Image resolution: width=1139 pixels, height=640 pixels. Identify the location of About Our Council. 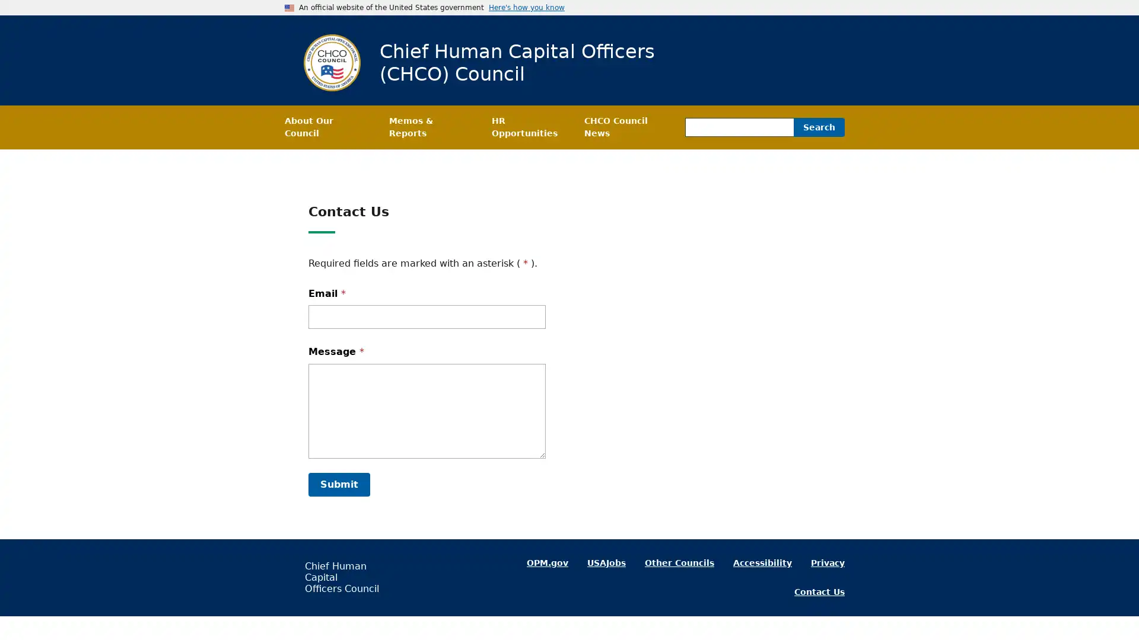
(327, 127).